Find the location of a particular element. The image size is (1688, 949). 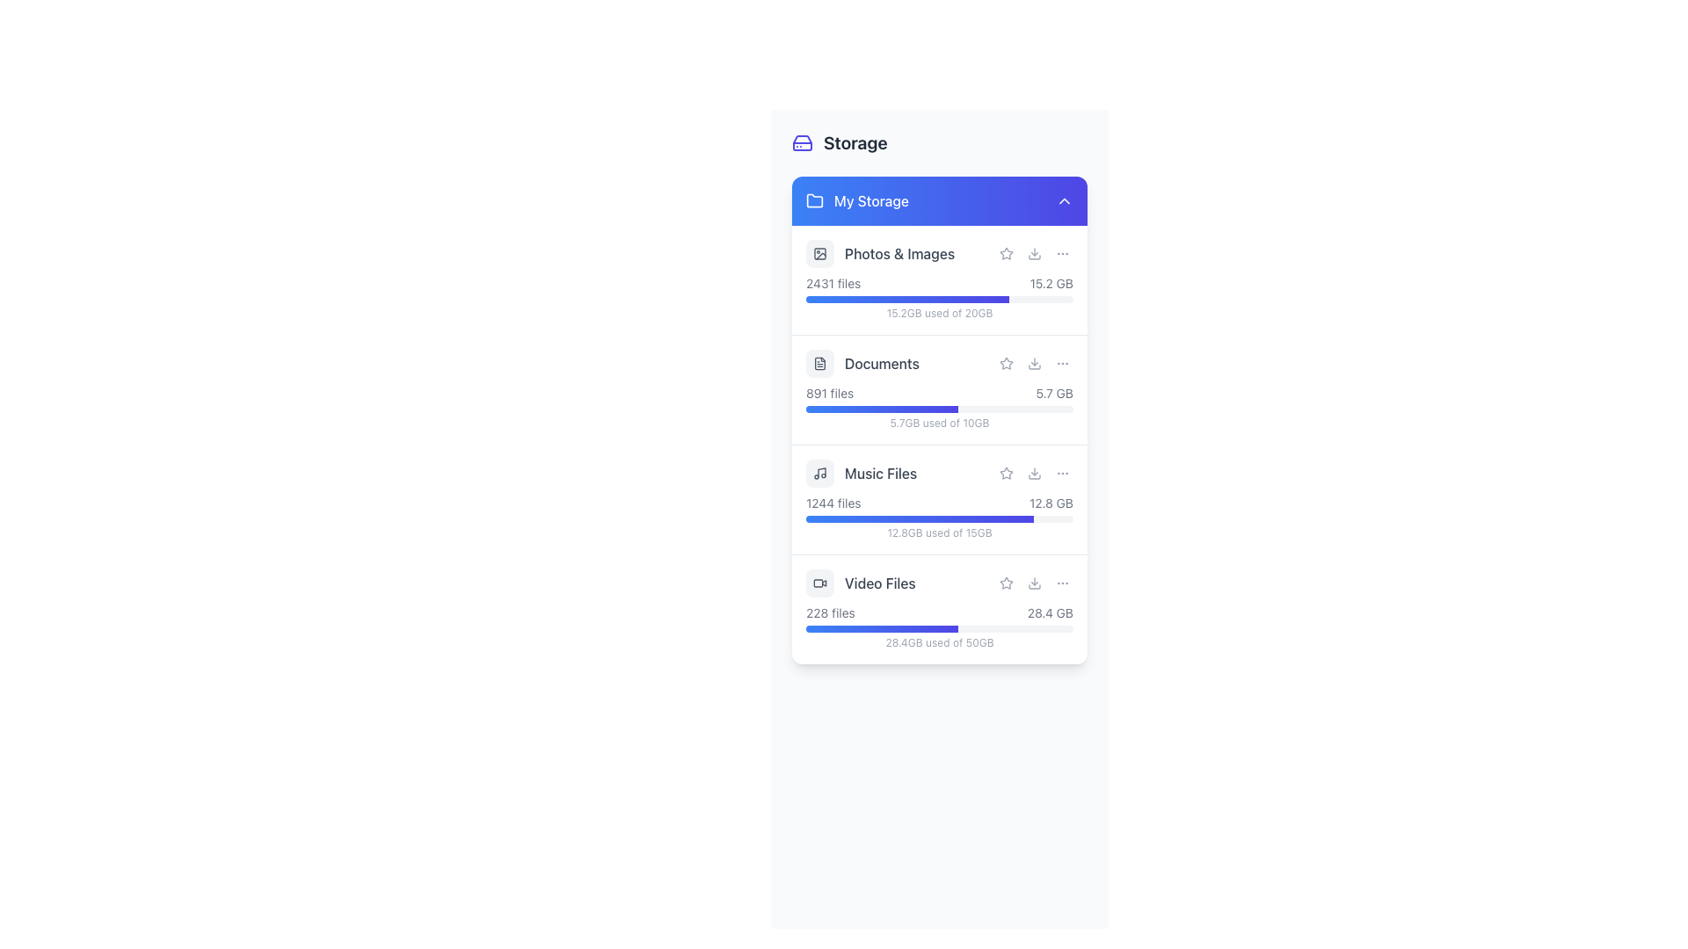

the horizontal progress bar styled with a gradient transition from blue to indigo, located in the 'Photos & Images' section is located at coordinates (907, 298).